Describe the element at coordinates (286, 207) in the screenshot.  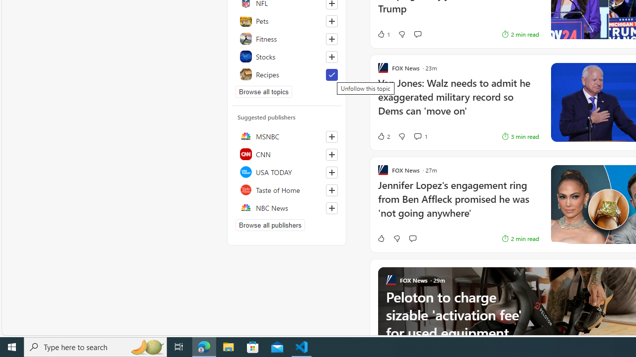
I see `'NBC News'` at that location.